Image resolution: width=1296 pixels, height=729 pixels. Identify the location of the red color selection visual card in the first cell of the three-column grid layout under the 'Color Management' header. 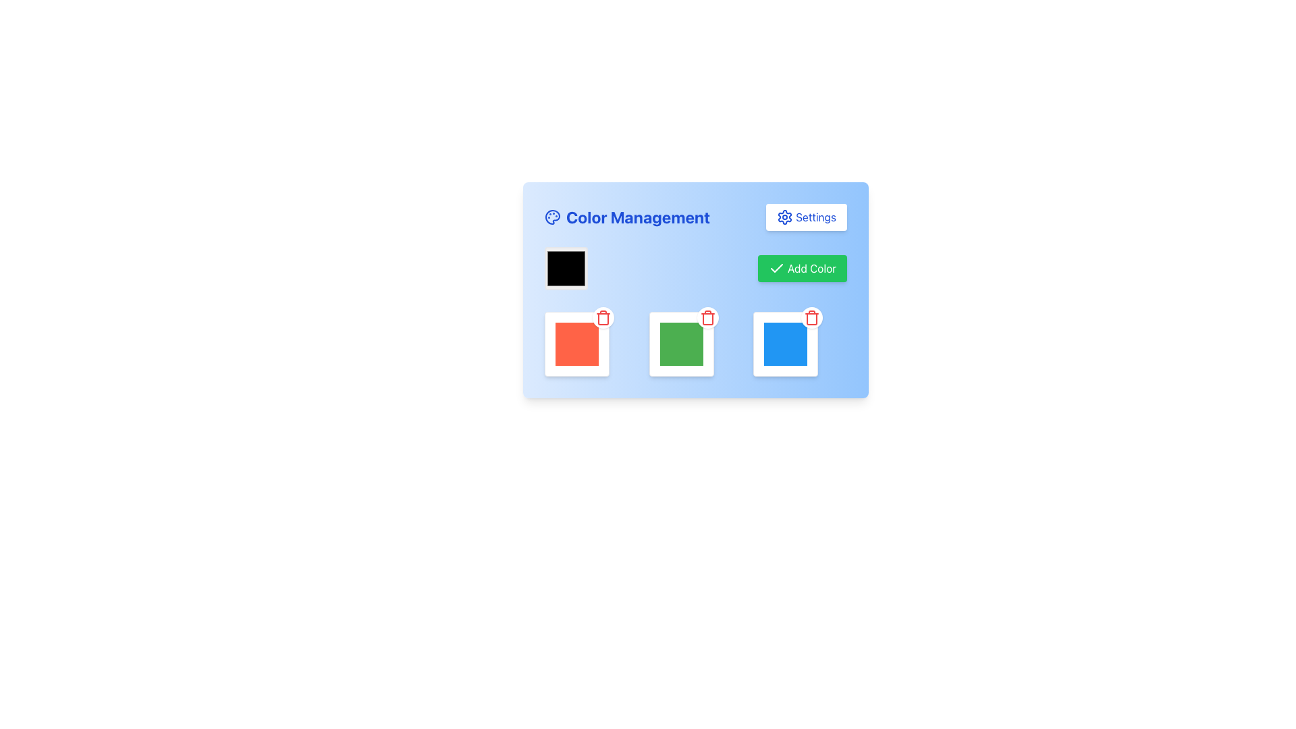
(576, 343).